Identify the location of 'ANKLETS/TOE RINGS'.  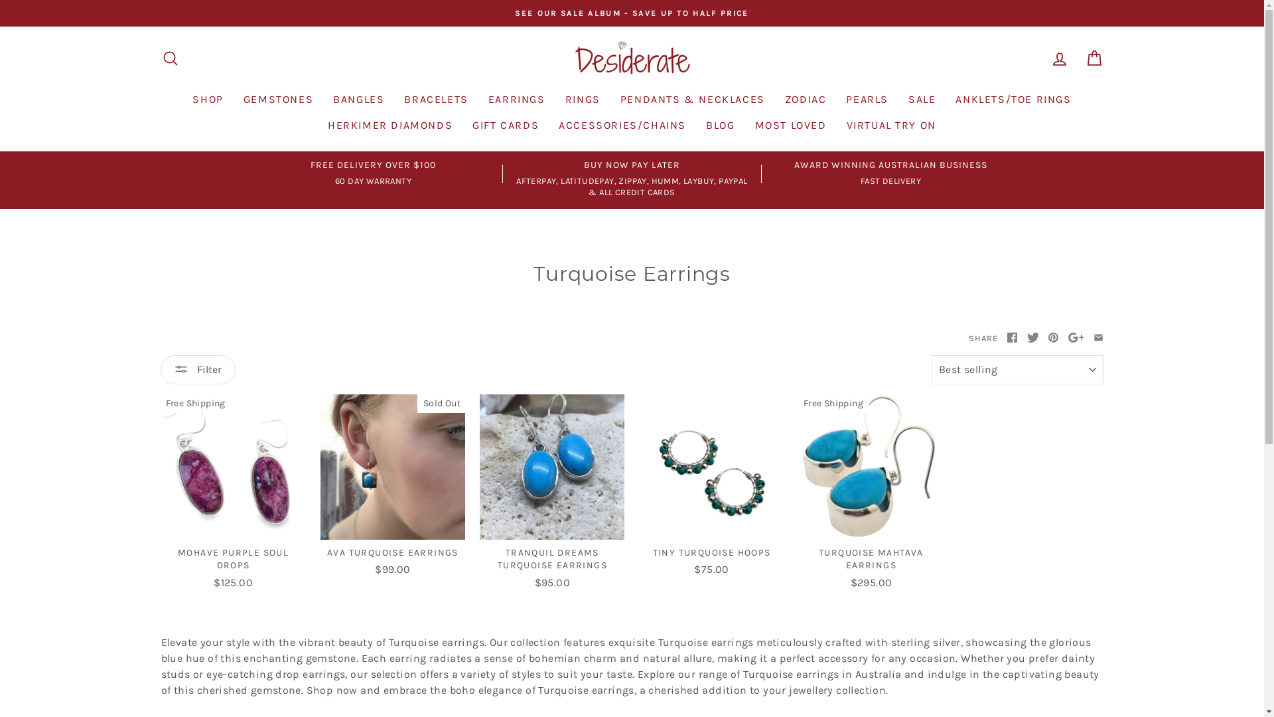
(1012, 98).